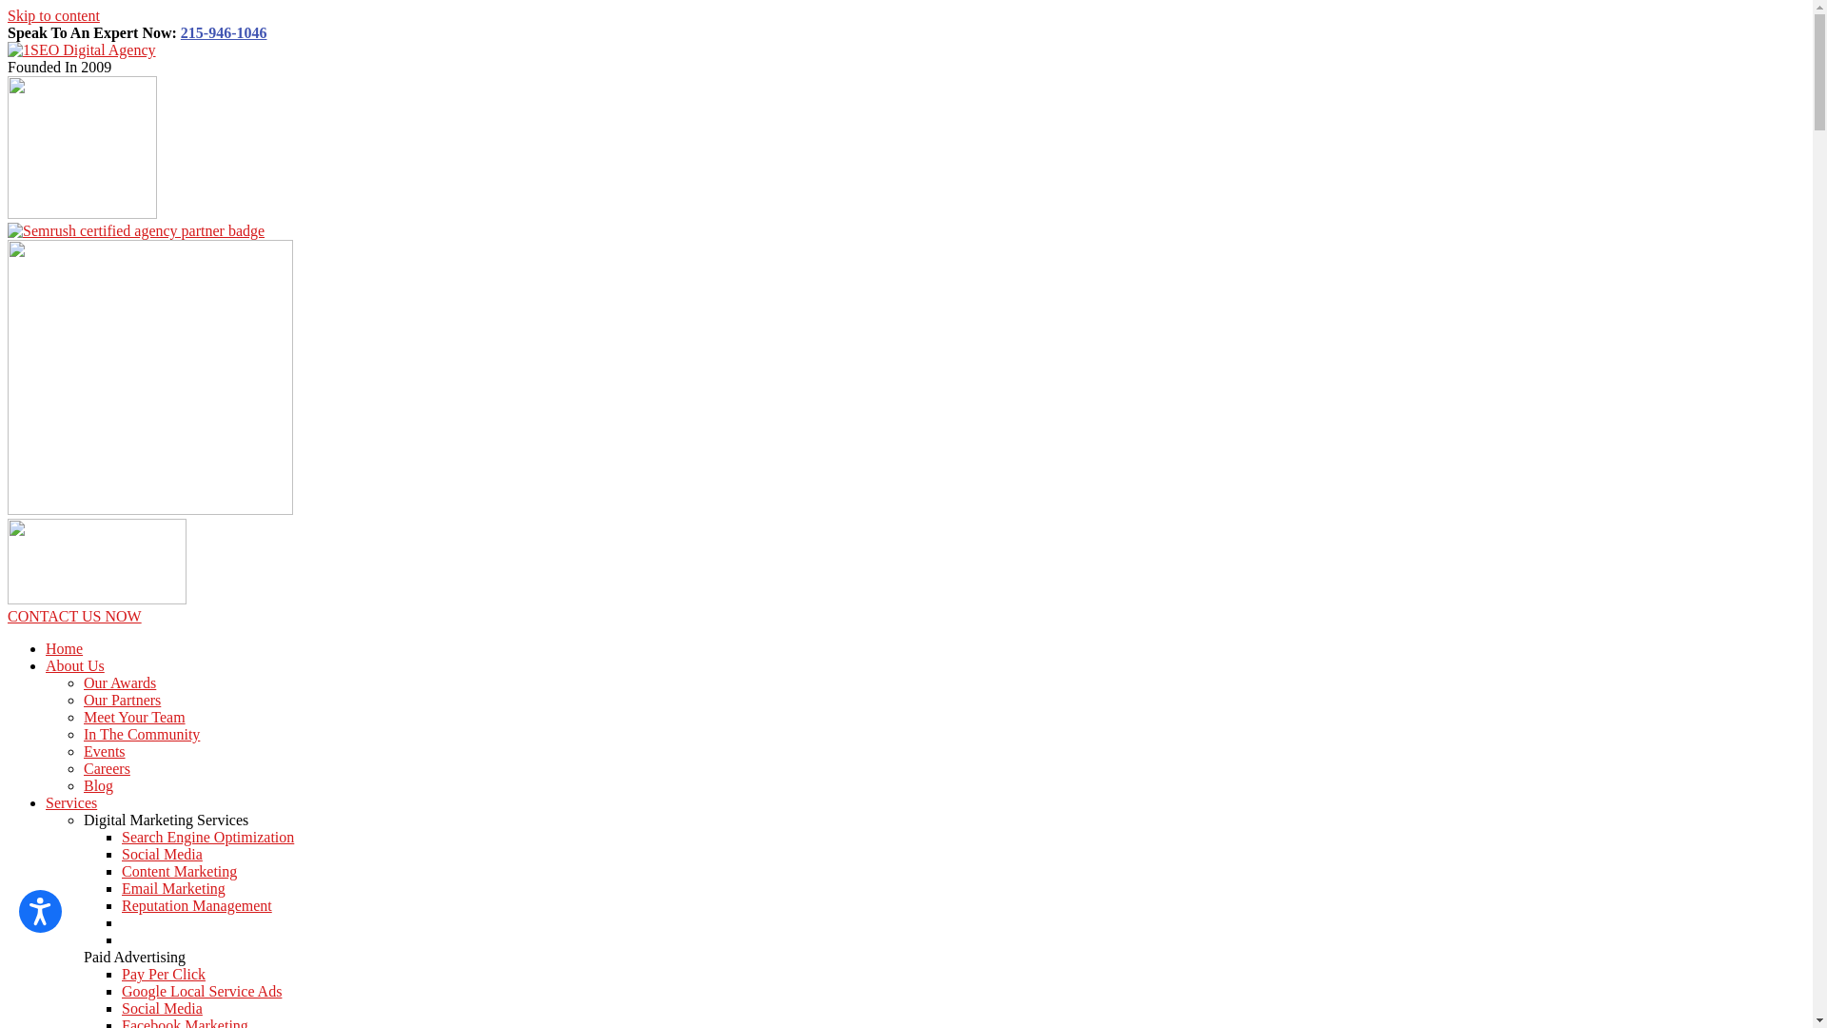  Describe the element at coordinates (82, 682) in the screenshot. I see `'Our Awards'` at that location.